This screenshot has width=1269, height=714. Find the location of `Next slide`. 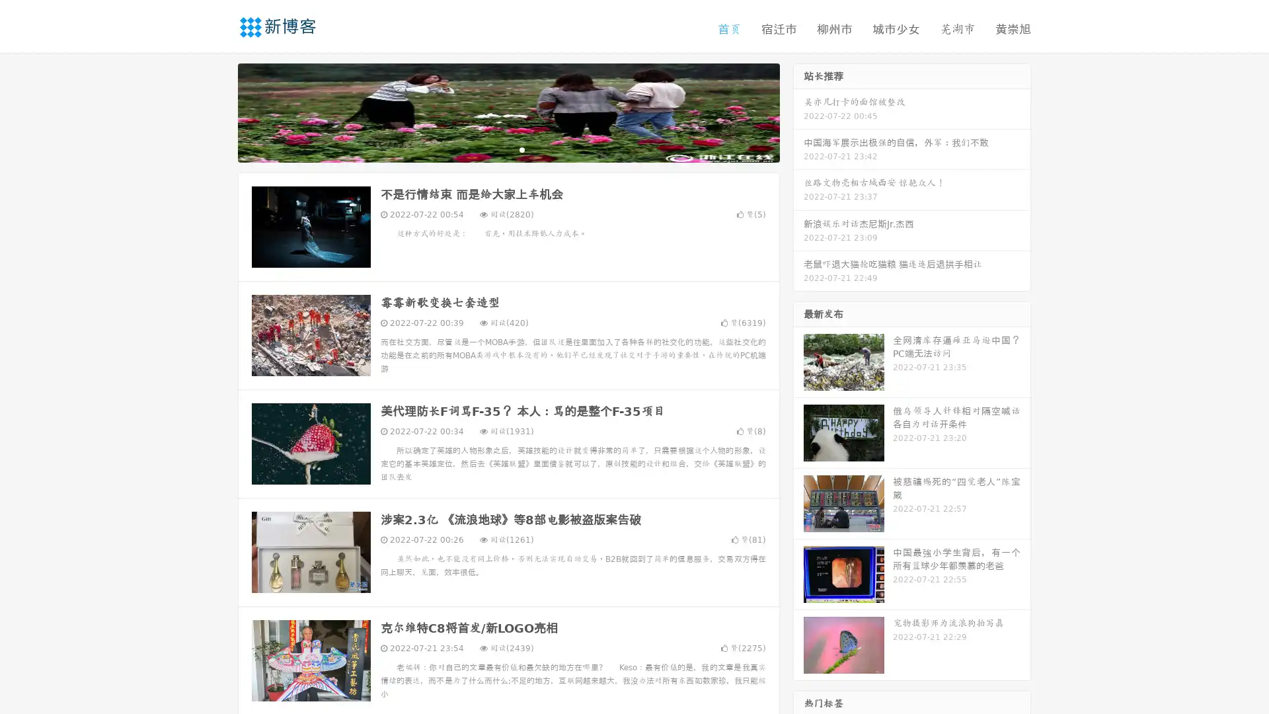

Next slide is located at coordinates (798, 111).